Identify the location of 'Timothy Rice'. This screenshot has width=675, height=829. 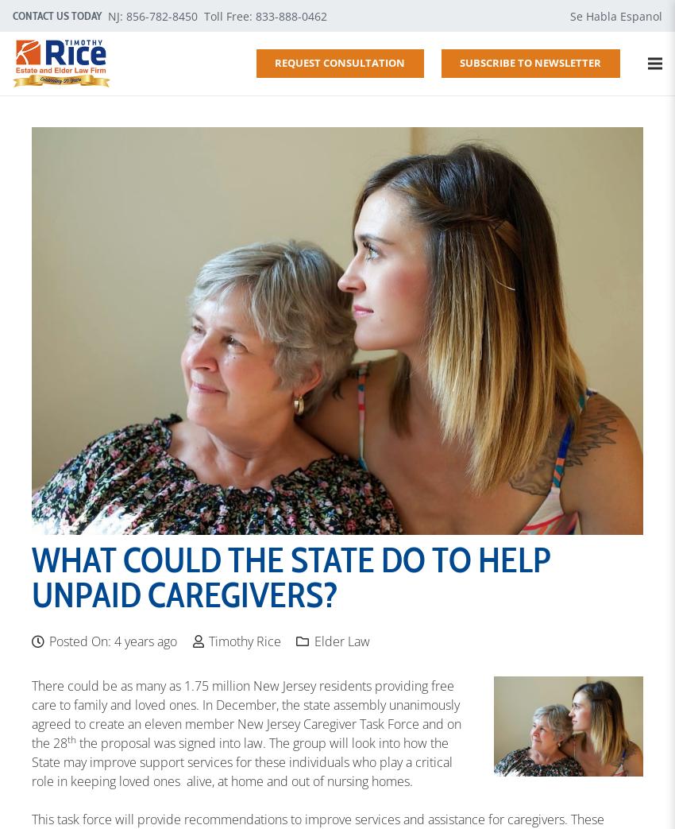
(244, 640).